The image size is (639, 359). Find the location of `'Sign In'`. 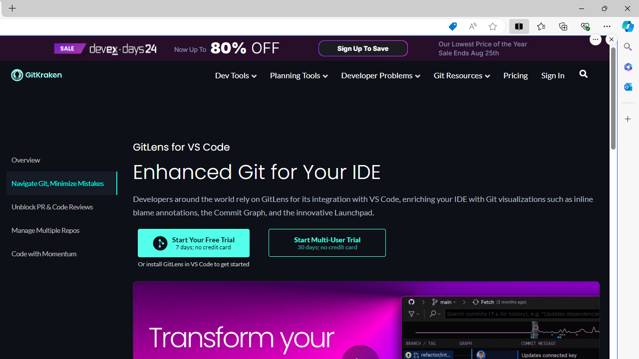

'Sign In' is located at coordinates (552, 74).